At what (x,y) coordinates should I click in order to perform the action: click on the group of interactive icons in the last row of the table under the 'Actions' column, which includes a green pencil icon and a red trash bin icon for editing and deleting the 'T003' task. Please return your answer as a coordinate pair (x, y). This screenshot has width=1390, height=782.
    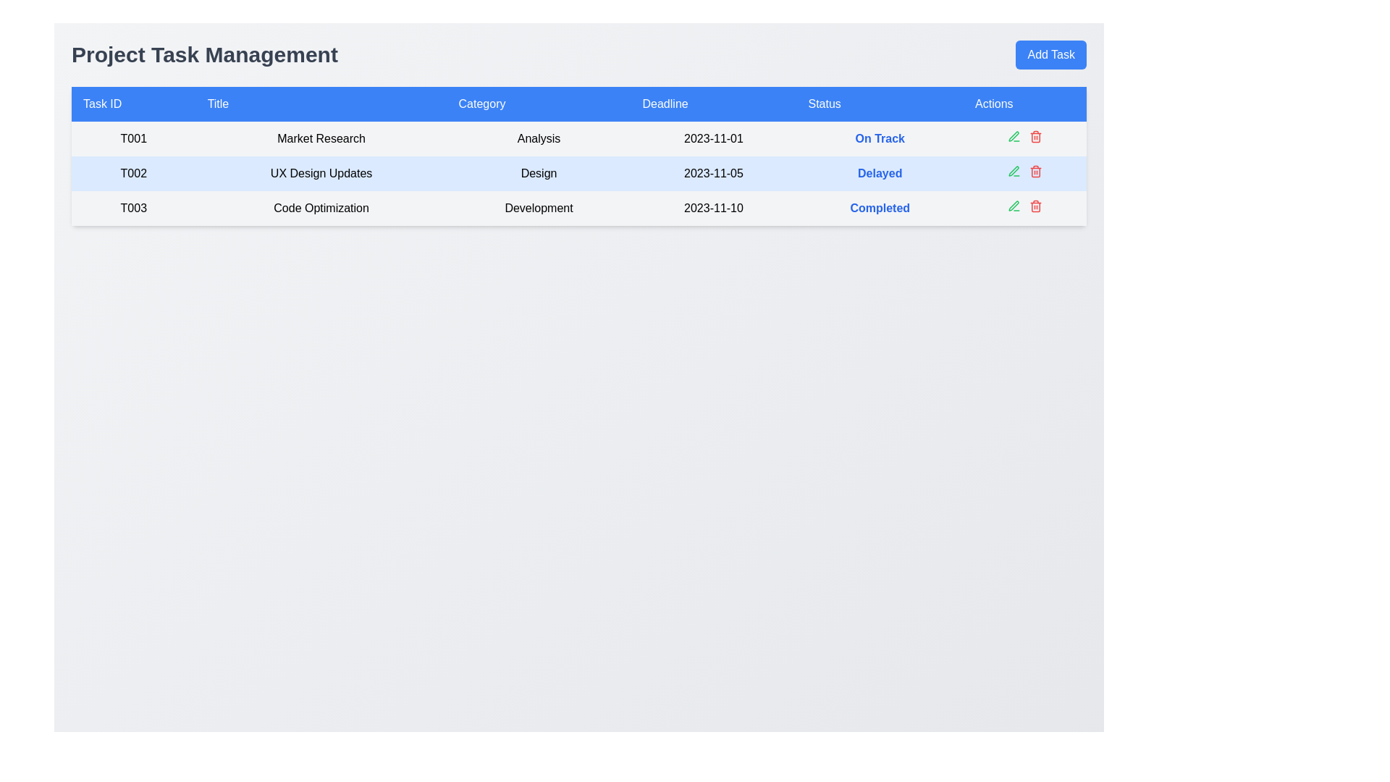
    Looking at the image, I should click on (1024, 206).